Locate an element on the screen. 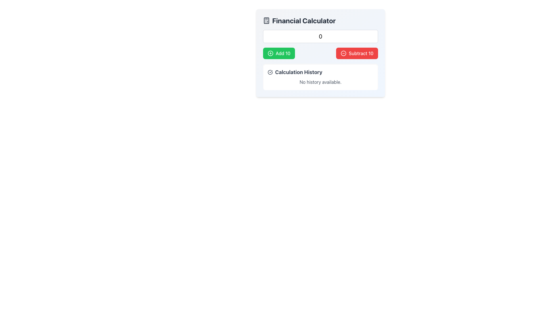  the circular graphical representation within the icon button located to the left of the 'Subtract 10' button is located at coordinates (344, 53).